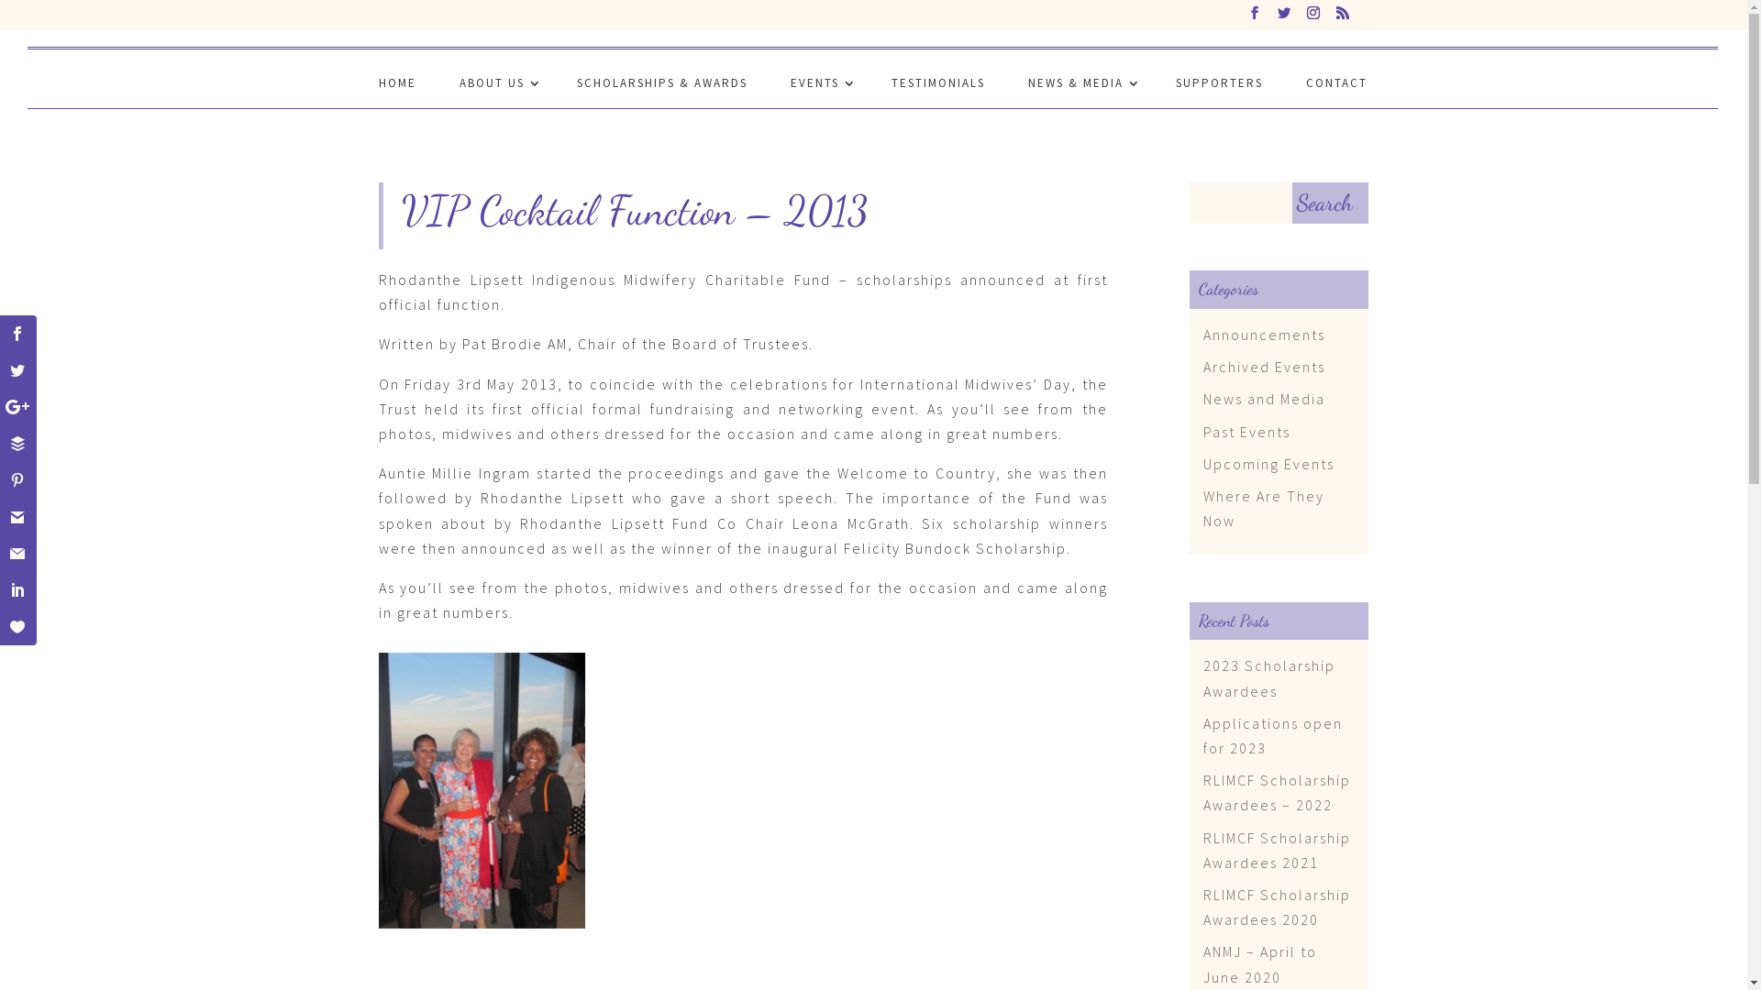 The width and height of the screenshot is (1761, 990). I want to click on 'SCHOLARSHIPS & AWARDS', so click(660, 92).